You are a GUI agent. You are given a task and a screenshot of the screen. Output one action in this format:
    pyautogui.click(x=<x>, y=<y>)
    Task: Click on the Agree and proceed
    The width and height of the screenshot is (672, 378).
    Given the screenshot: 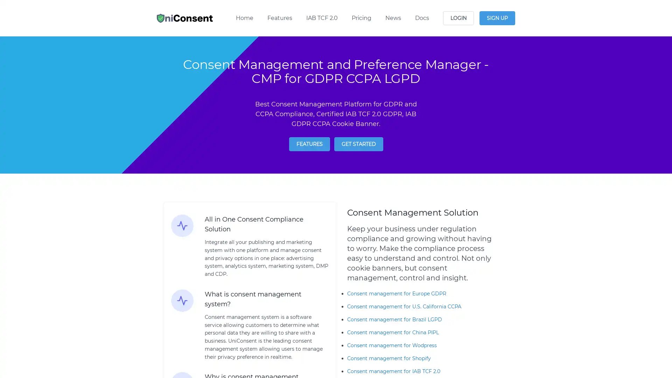 What is the action you would take?
    pyautogui.click(x=159, y=365)
    